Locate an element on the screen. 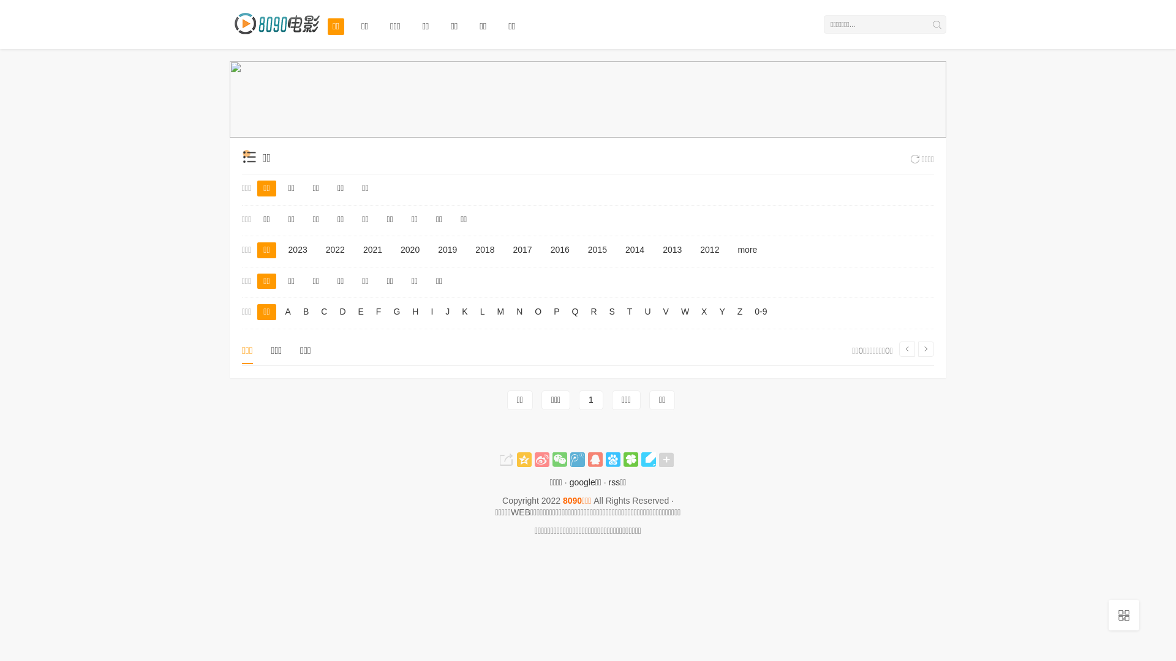 Image resolution: width=1176 pixels, height=661 pixels. '2015' is located at coordinates (597, 249).